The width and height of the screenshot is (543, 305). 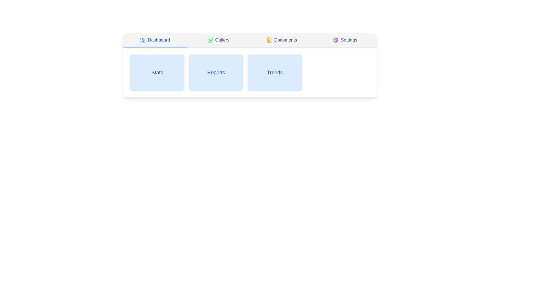 I want to click on the 'Documents' text label, so click(x=285, y=40).